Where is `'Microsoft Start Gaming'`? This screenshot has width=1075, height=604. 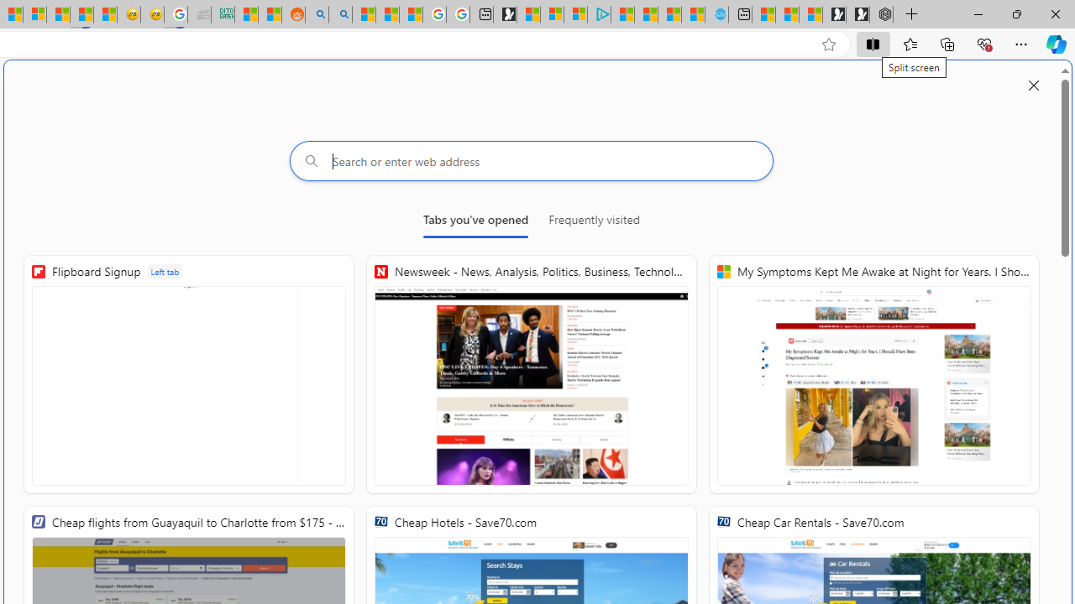
'Microsoft Start Gaming' is located at coordinates (504, 14).